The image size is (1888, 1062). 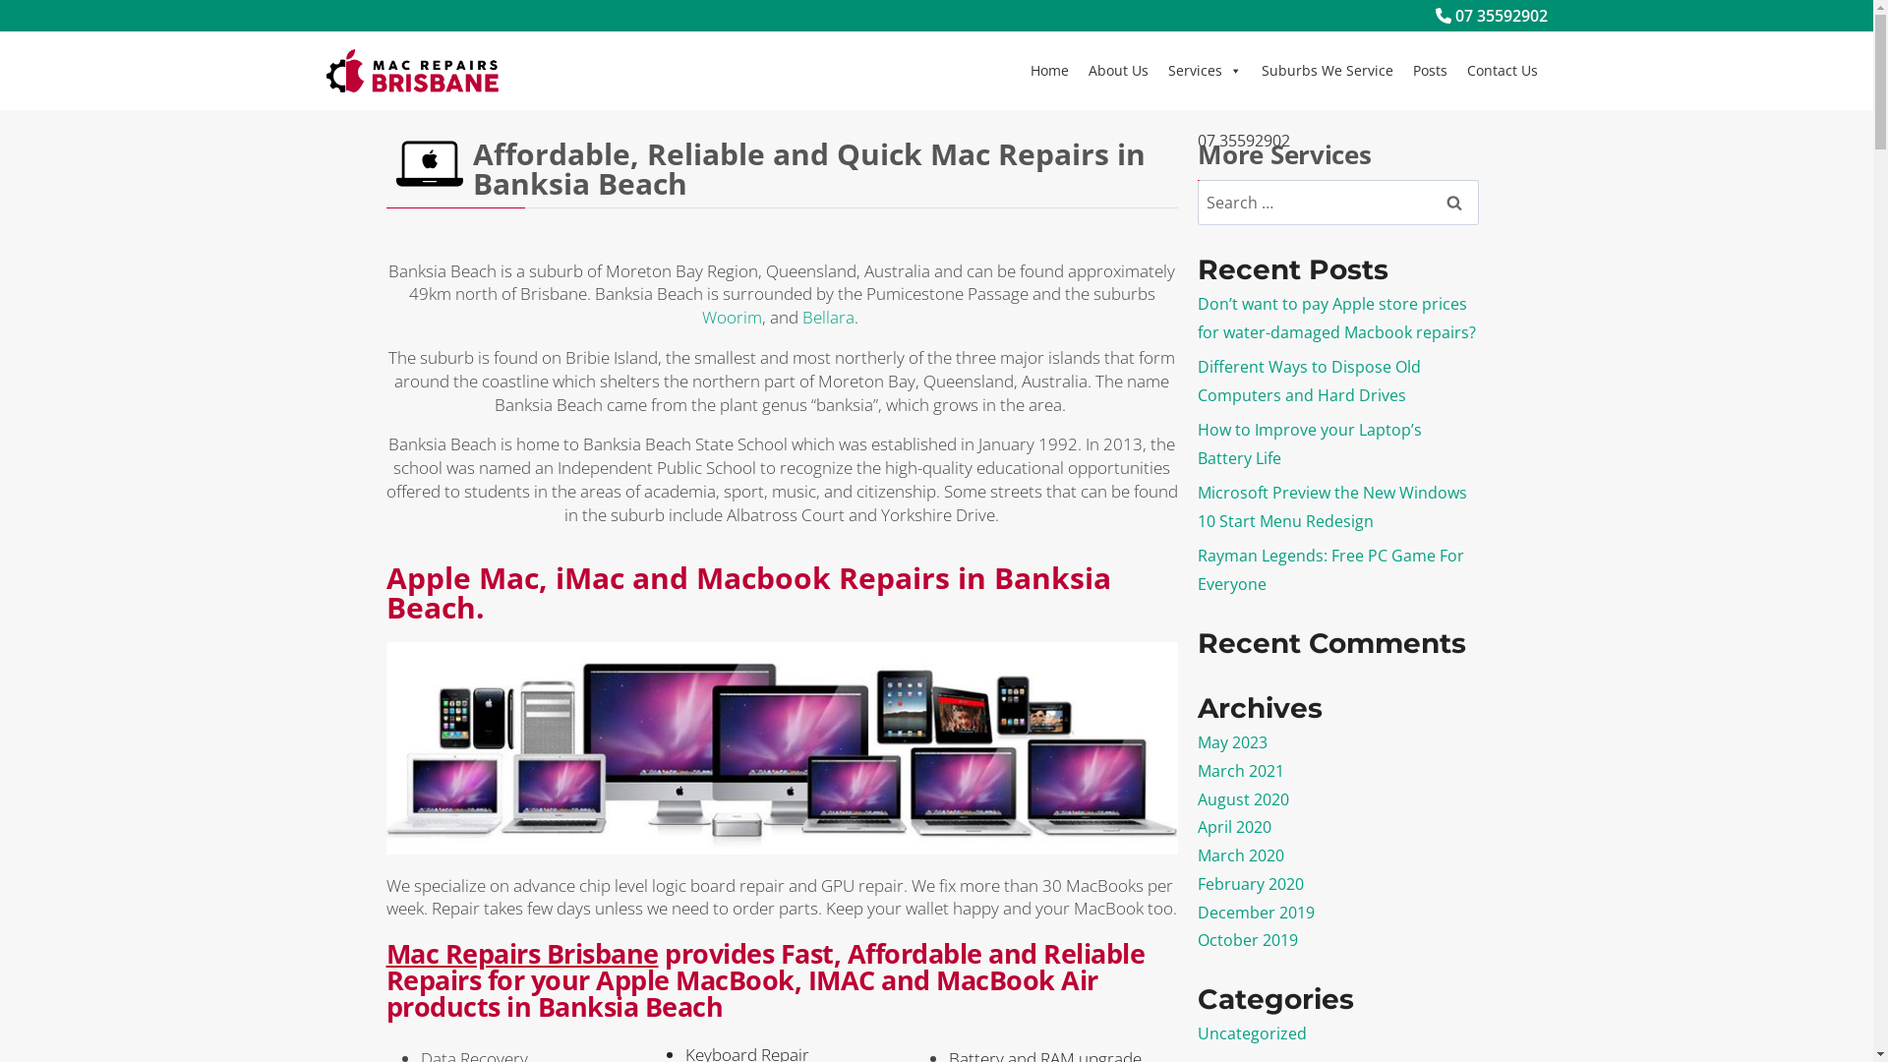 I want to click on 'March 2020', so click(x=1240, y=855).